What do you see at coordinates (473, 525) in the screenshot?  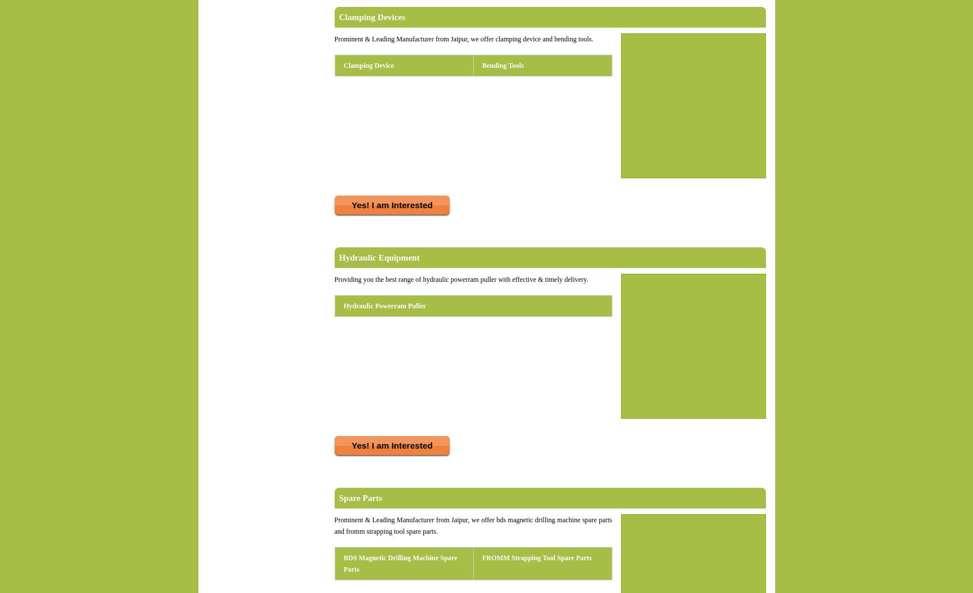 I see `'Prominent & Leading Manufacturer from Jaipur, we offer bds magnetic drilling machine spare parts and fromm strapping tool spare parts.'` at bounding box center [473, 525].